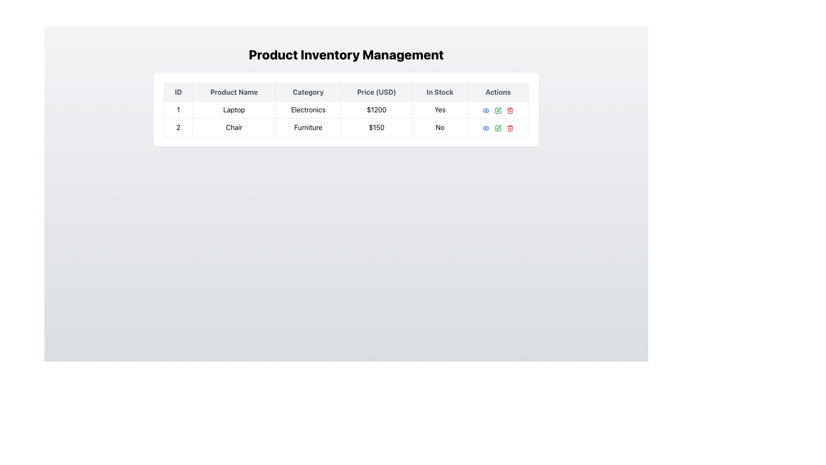 This screenshot has height=465, width=826. What do you see at coordinates (376, 109) in the screenshot?
I see `price of the product displayed as static text in the 'Price (USD)' column of the first row in the 'Product Inventory Management' table, which indicates the price of 'Laptop Electronics' as $1200` at bounding box center [376, 109].